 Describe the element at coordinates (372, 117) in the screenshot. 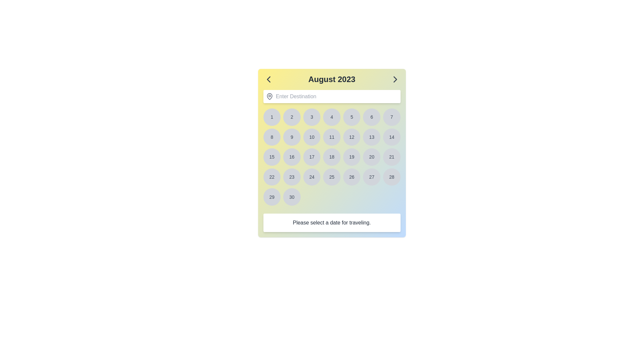

I see `the button representing the sixth day of August 2023 in the calendar interface` at that location.